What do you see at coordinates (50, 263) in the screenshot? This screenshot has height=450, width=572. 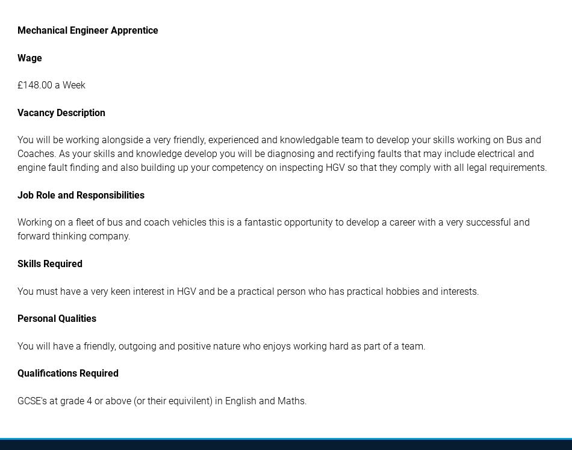 I see `'Skills Required'` at bounding box center [50, 263].